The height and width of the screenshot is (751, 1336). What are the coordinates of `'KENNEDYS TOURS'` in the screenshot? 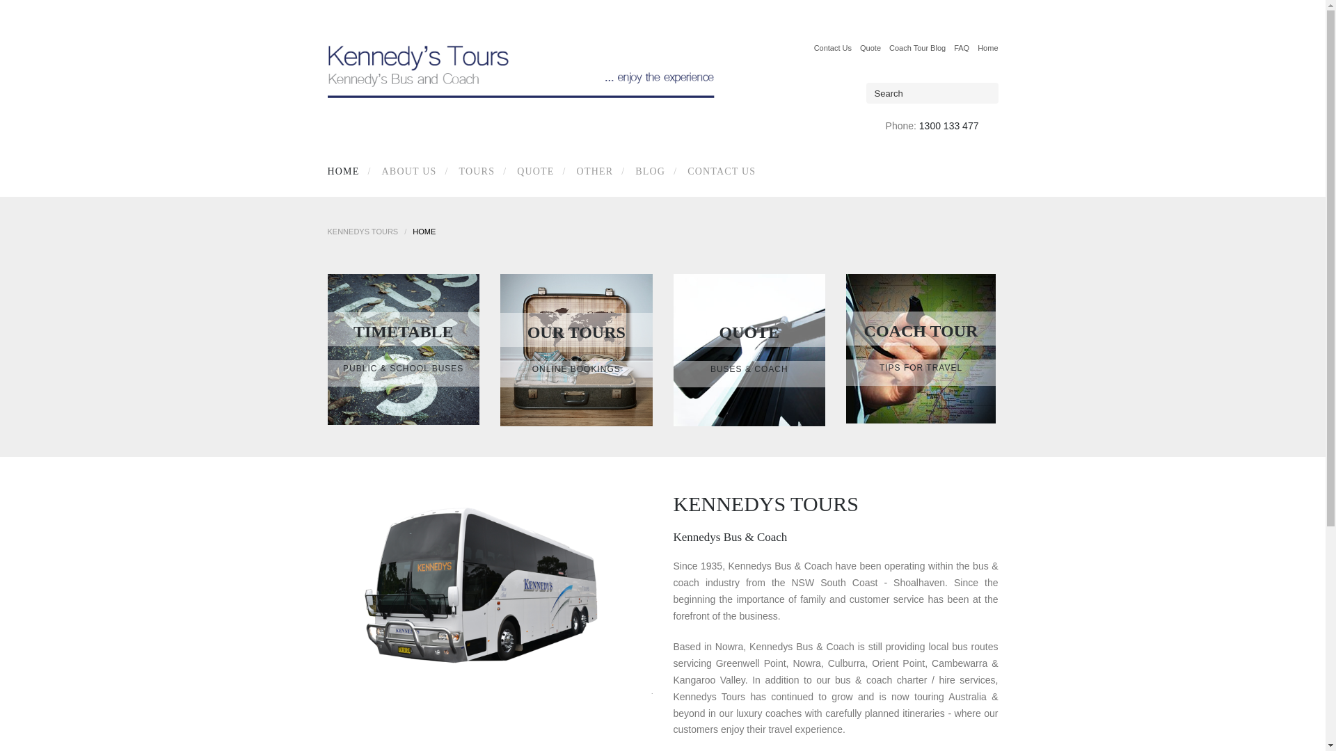 It's located at (363, 230).